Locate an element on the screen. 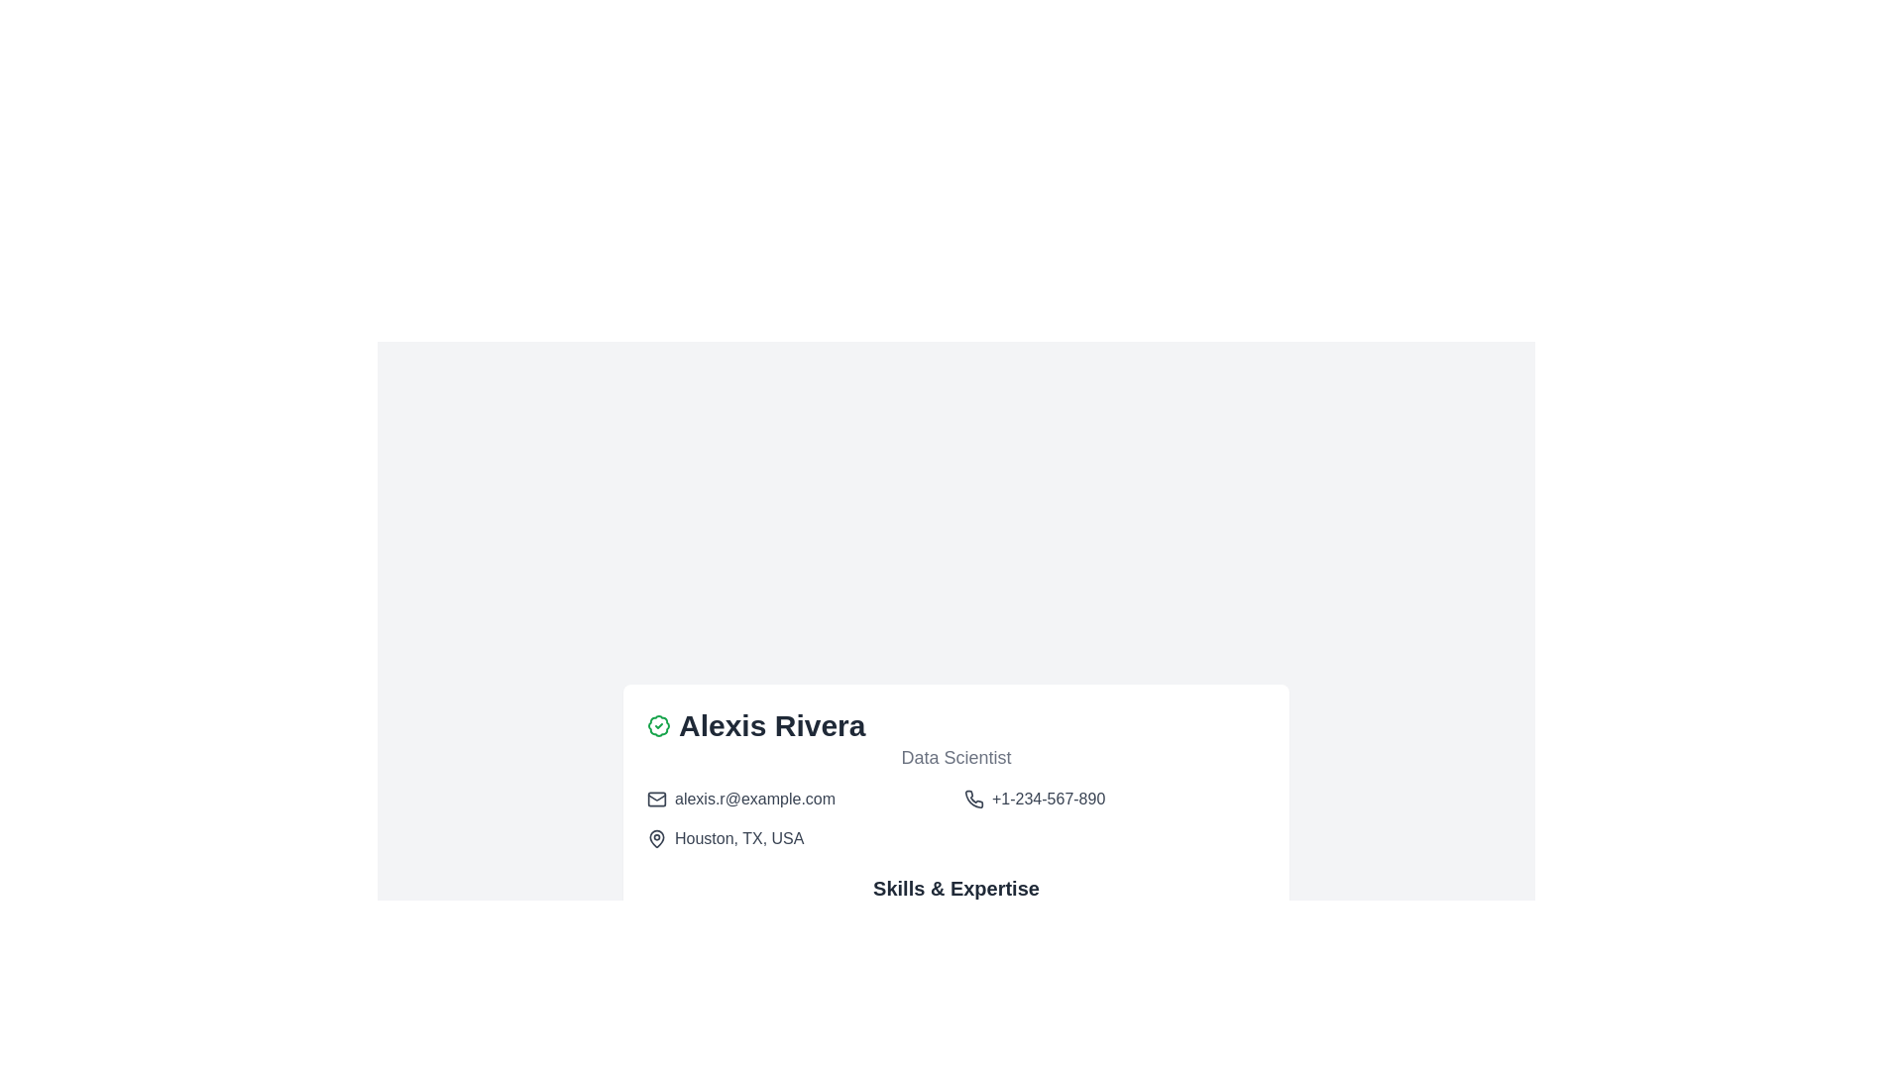 The width and height of the screenshot is (1903, 1070). the email address label that displays a gray text row preceded by a gray envelope icon, located in the first row of the left column of the grid layout is located at coordinates (798, 798).